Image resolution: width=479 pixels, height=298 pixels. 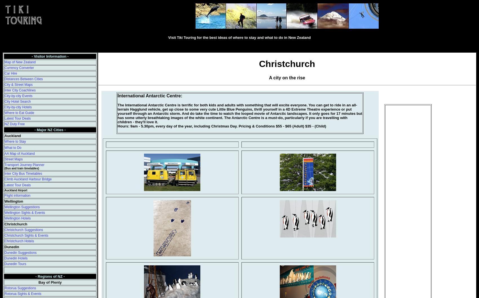 What do you see at coordinates (28, 179) in the screenshot?
I see `'Climb 
          Auckland Harbour Bridge'` at bounding box center [28, 179].